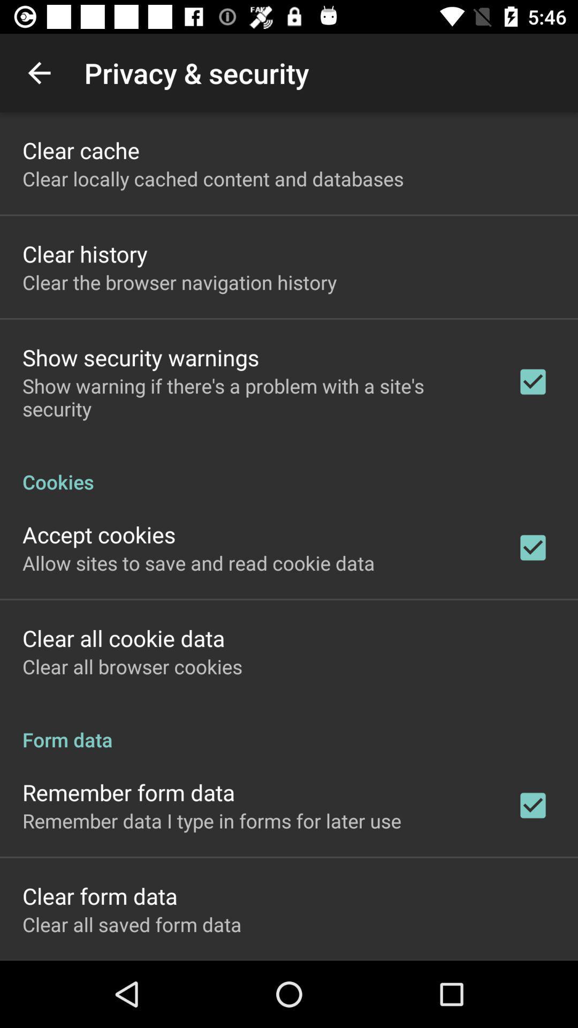  Describe the element at coordinates (199, 562) in the screenshot. I see `the allow sites to icon` at that location.